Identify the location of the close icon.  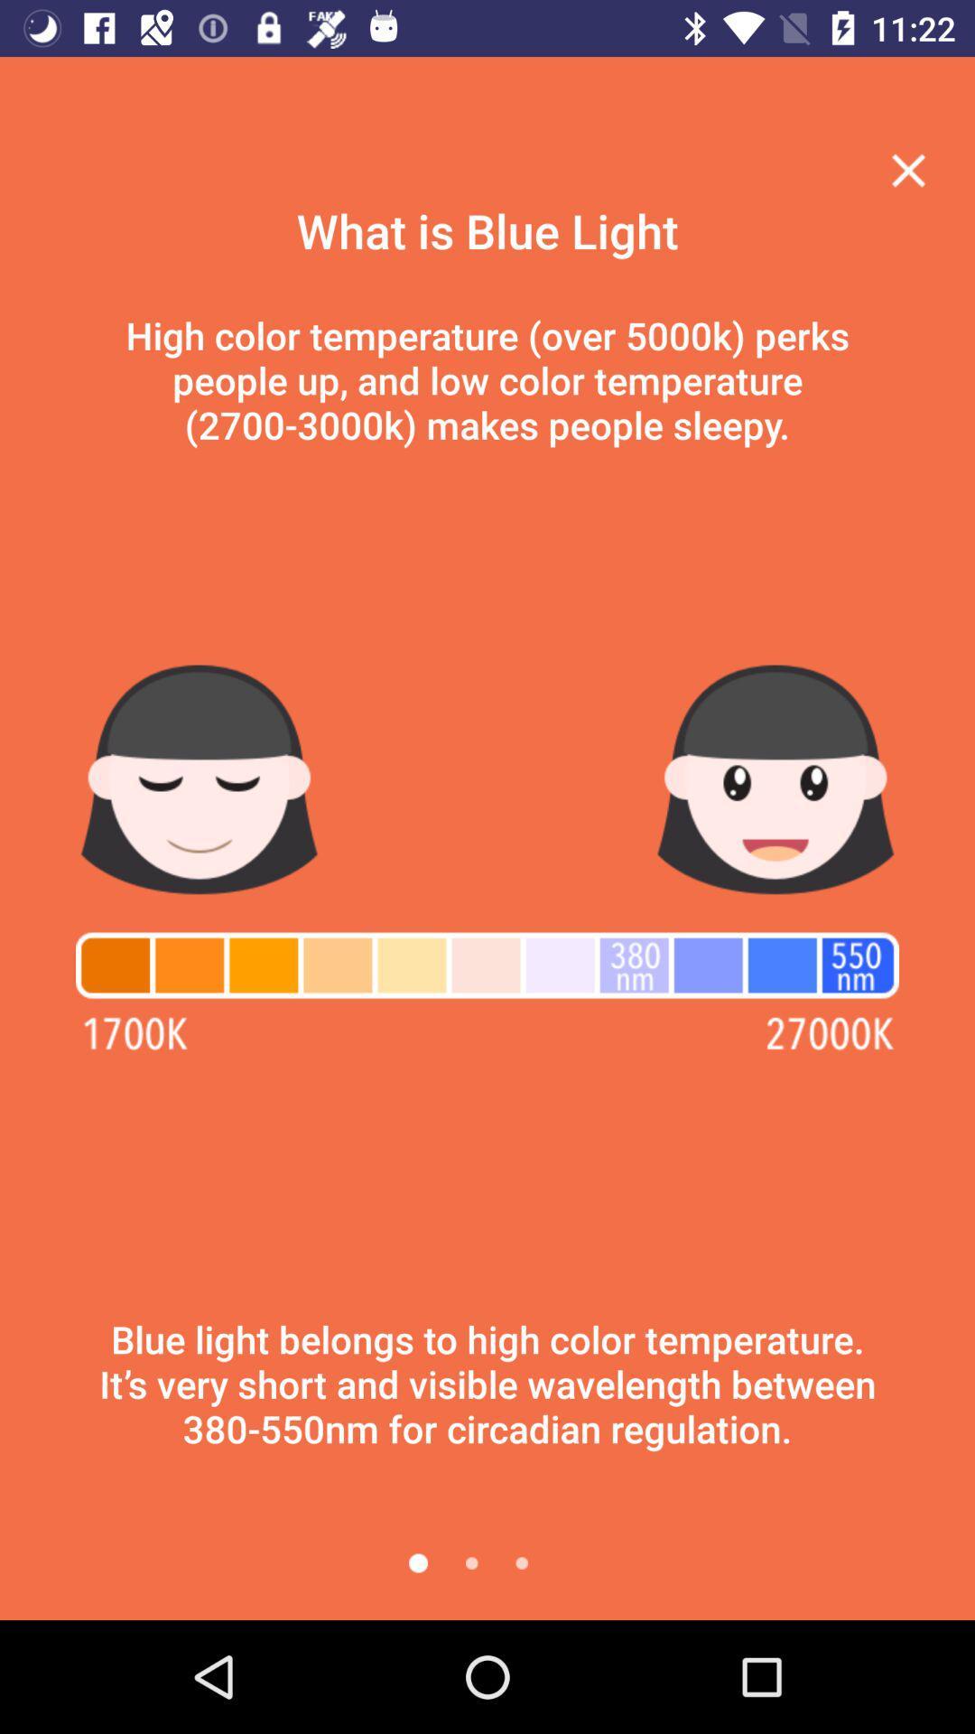
(908, 170).